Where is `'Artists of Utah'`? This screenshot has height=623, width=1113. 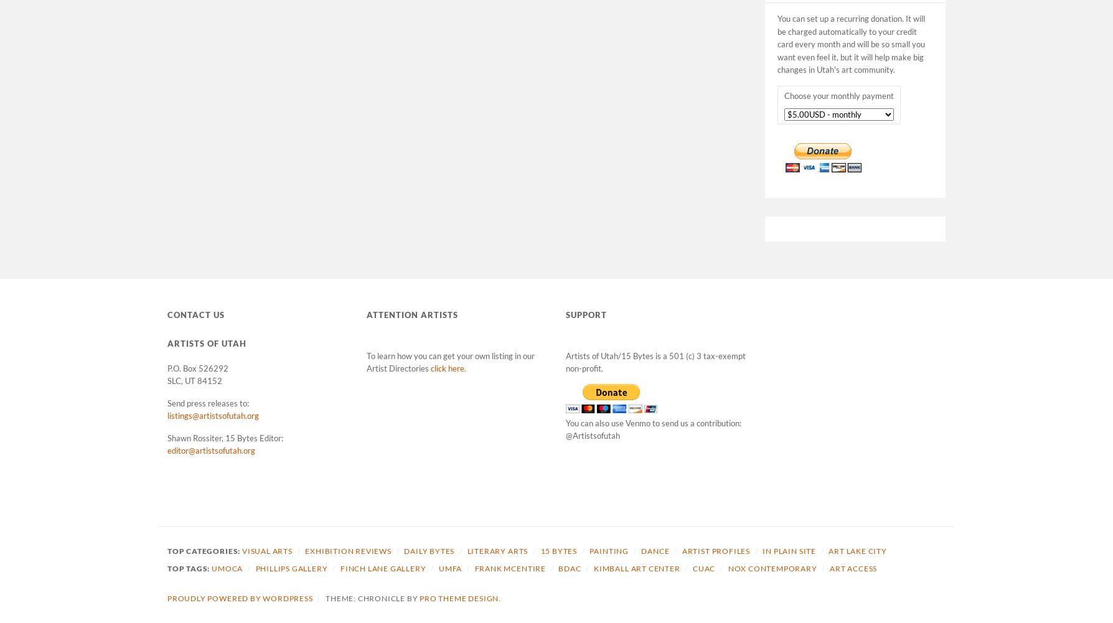
'Artists of Utah' is located at coordinates (206, 342).